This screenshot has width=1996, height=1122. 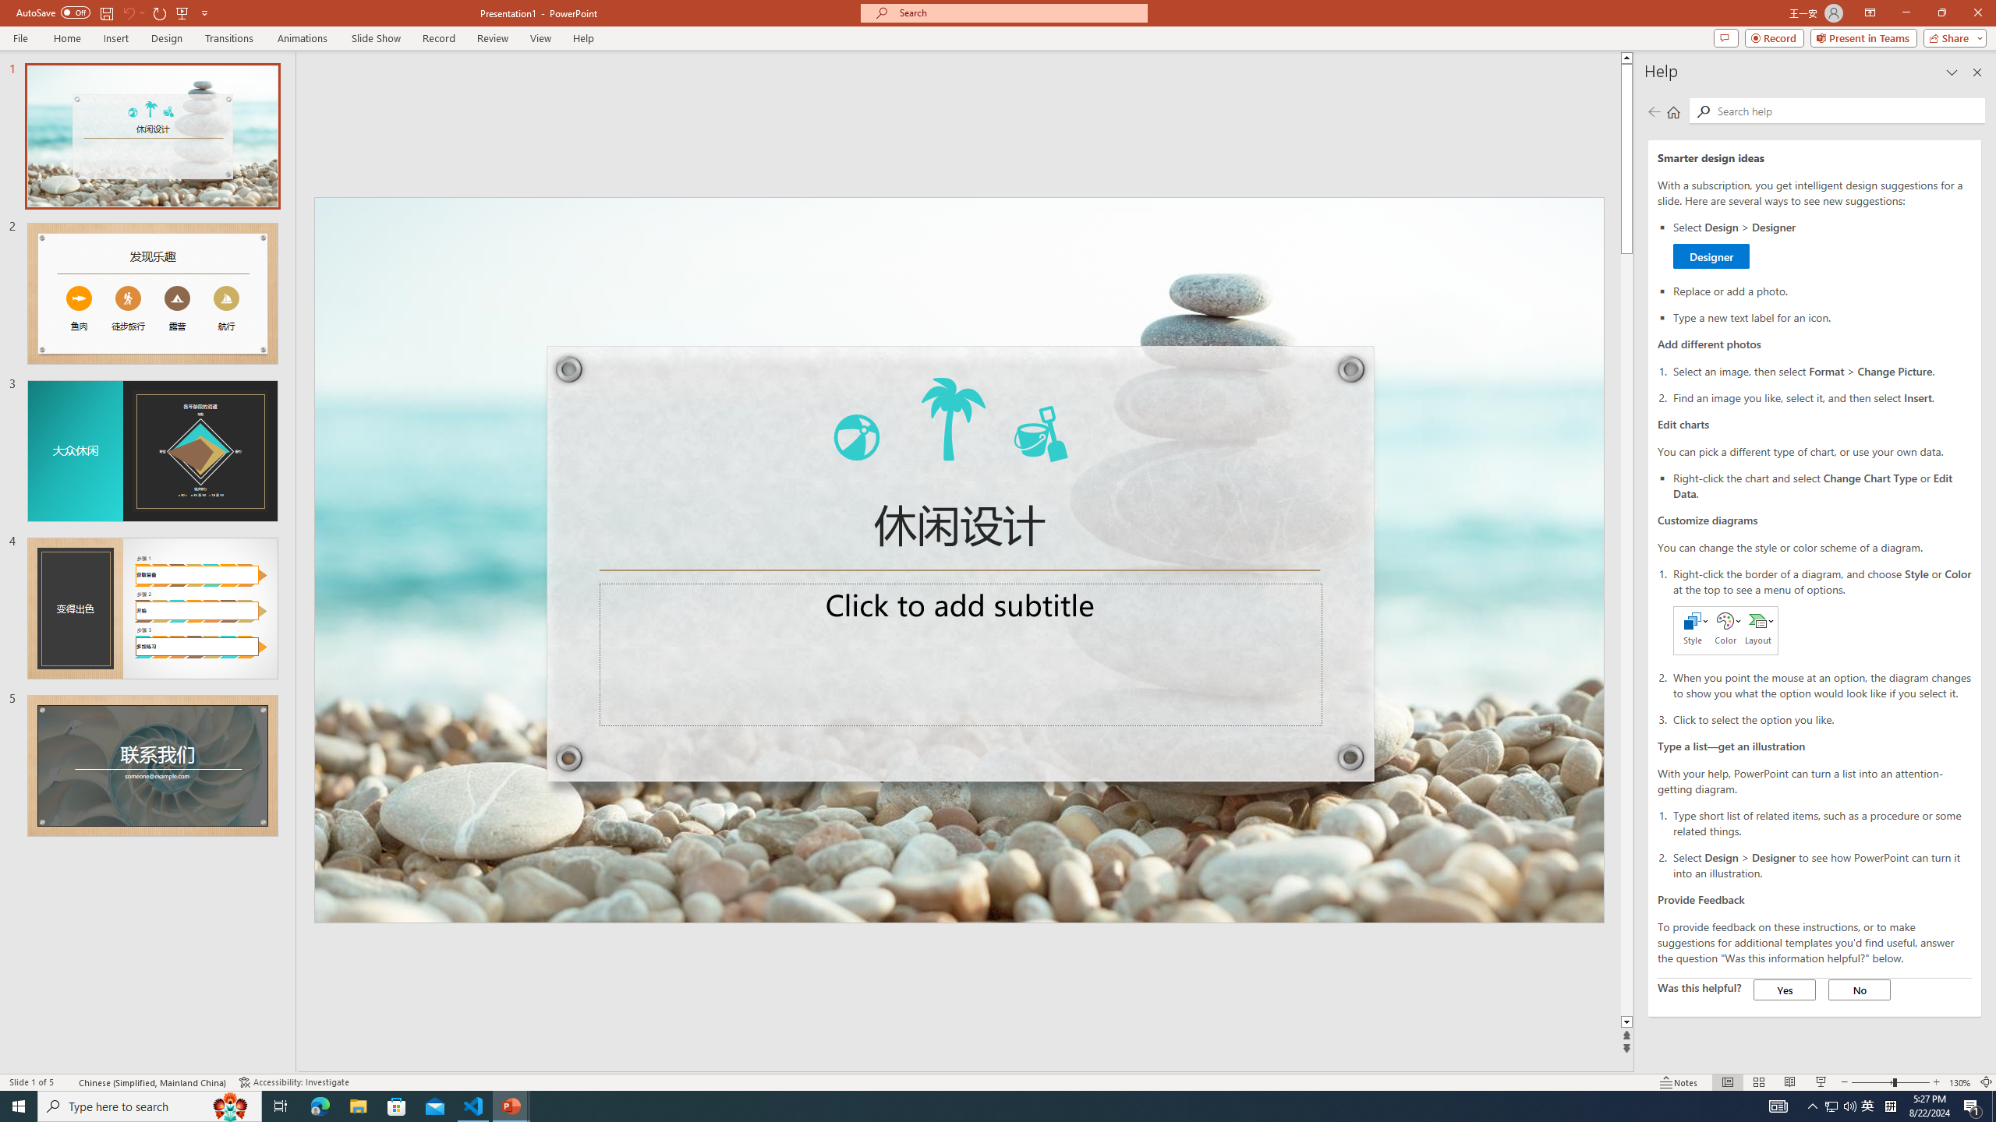 What do you see at coordinates (1821, 370) in the screenshot?
I see `'Select an image, then select Format > Change Picture.'` at bounding box center [1821, 370].